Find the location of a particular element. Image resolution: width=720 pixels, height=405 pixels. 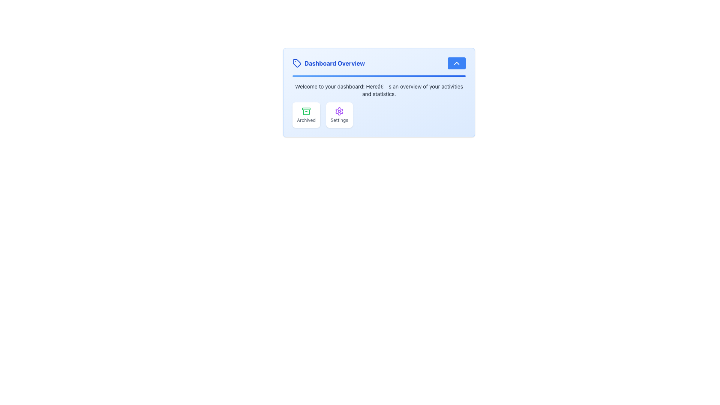

the static text label at the top-left of the dashboard, which serves as the title for the dashboard is located at coordinates (328, 63).